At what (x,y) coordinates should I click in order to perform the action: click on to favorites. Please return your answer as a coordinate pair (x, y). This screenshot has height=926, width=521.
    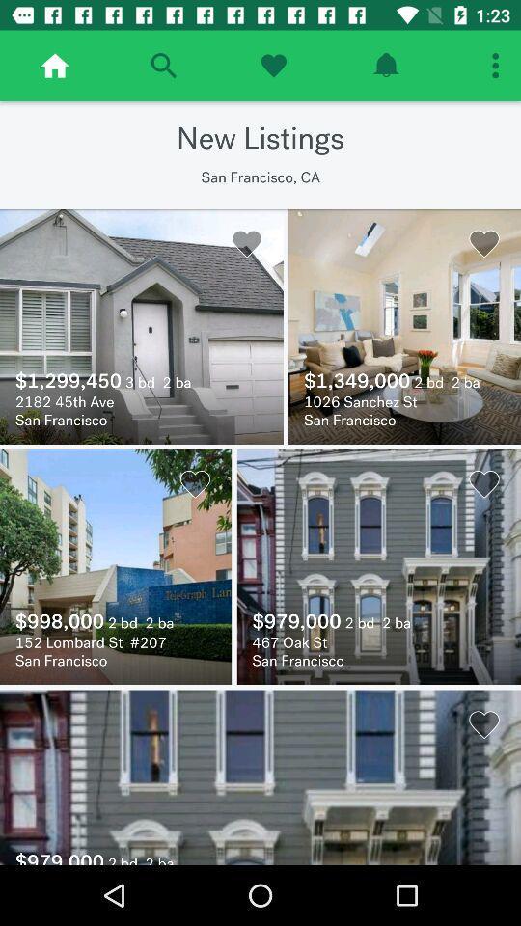
    Looking at the image, I should click on (272, 66).